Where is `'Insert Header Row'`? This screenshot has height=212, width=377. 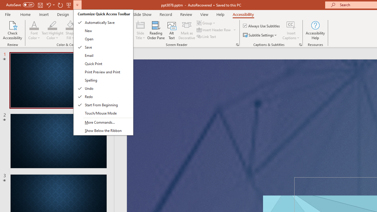 'Insert Header Row' is located at coordinates (216, 30).